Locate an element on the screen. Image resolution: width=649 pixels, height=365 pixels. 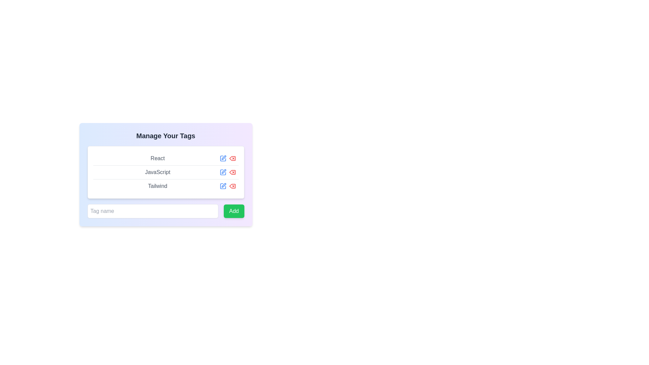
the delete icon located to the left of the 'JavaScript' tag in the list is located at coordinates (232, 172).